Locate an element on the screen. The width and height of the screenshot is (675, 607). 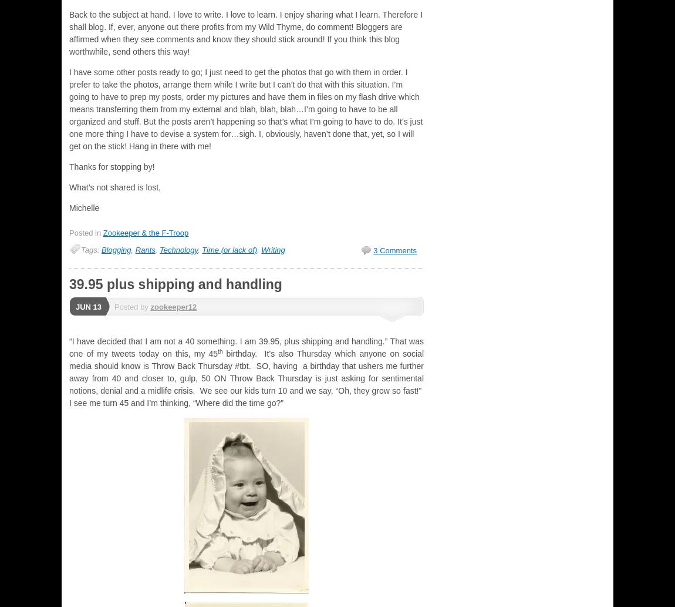
'Jun 13' is located at coordinates (87, 306).